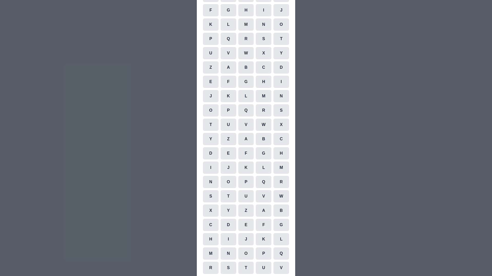  I want to click on the cell representing the character W, so click(246, 53).